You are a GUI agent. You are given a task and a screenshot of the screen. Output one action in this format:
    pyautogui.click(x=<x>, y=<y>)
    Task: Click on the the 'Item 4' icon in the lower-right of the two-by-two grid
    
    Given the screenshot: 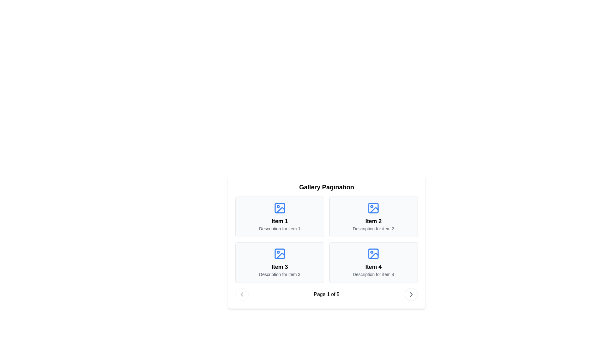 What is the action you would take?
    pyautogui.click(x=373, y=253)
    